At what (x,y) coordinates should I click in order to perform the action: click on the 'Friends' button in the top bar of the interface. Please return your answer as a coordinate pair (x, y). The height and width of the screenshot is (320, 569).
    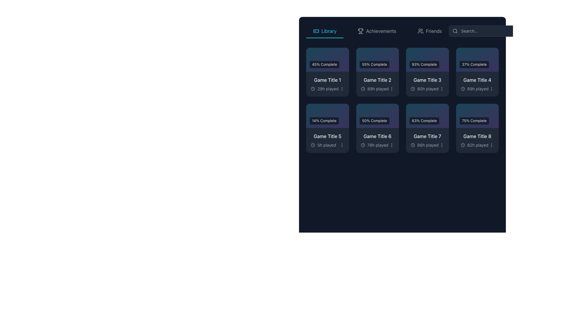
    Looking at the image, I should click on (430, 31).